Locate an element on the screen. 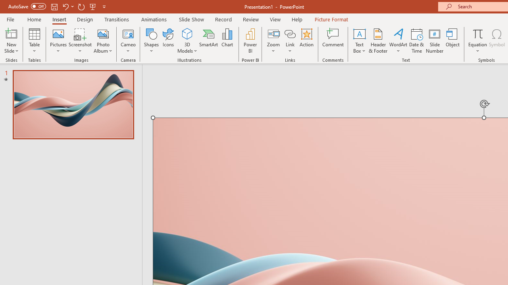  'New Photo Album...' is located at coordinates (102, 33).